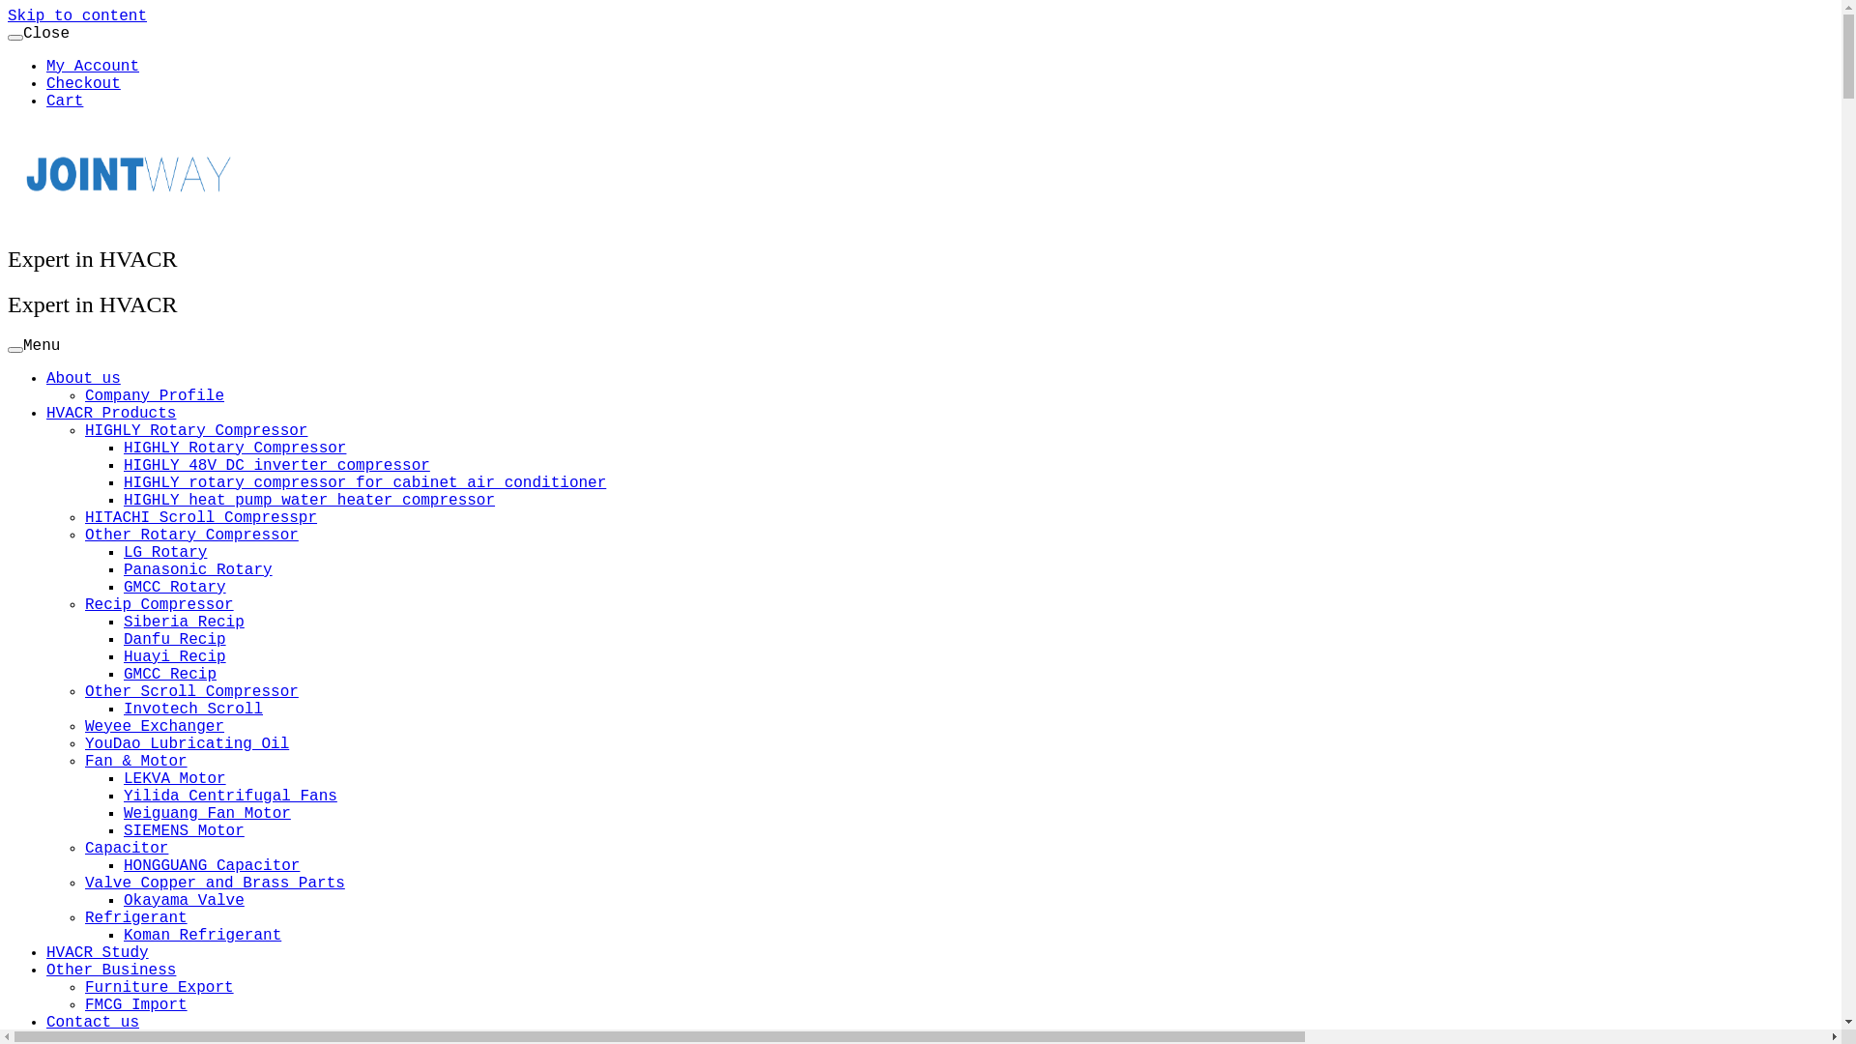 This screenshot has height=1044, width=1856. What do you see at coordinates (134, 916) in the screenshot?
I see `'Refrigerant'` at bounding box center [134, 916].